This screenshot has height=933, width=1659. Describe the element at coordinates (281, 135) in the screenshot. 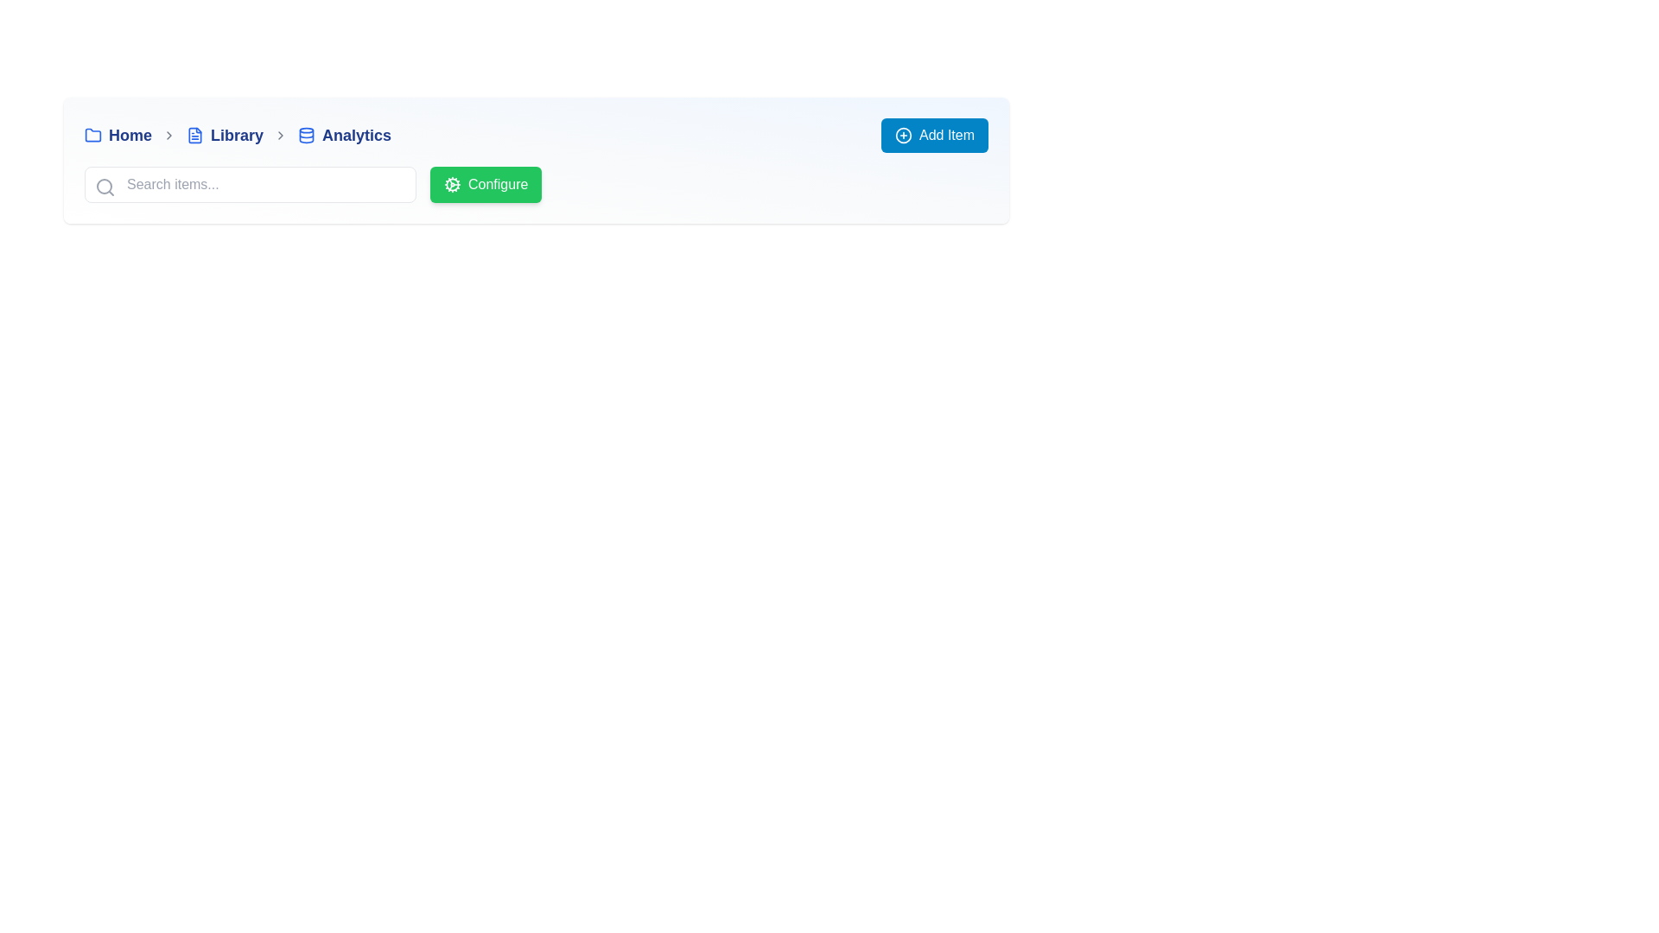

I see `the second chevron icon in the breadcrumb navigation, which separates 'Library' and 'Analytics' labels, located in the navigation bar` at that location.